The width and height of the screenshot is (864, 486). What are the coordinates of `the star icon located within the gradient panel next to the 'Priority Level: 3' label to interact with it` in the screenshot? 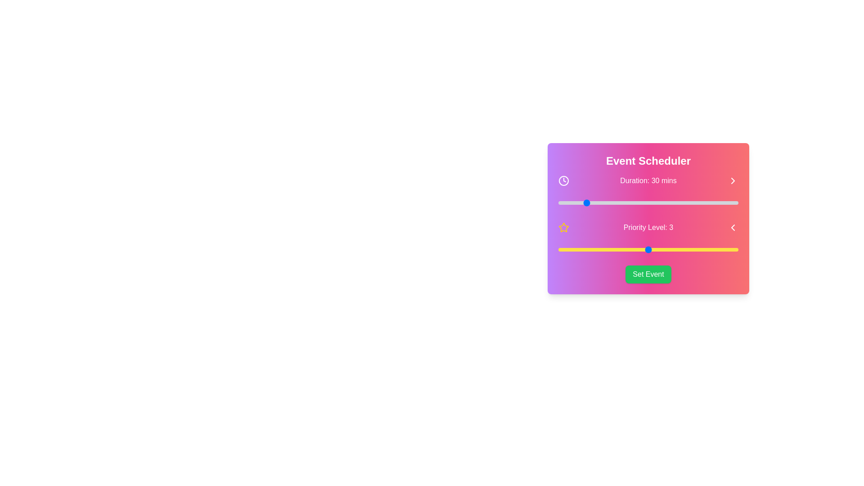 It's located at (563, 227).